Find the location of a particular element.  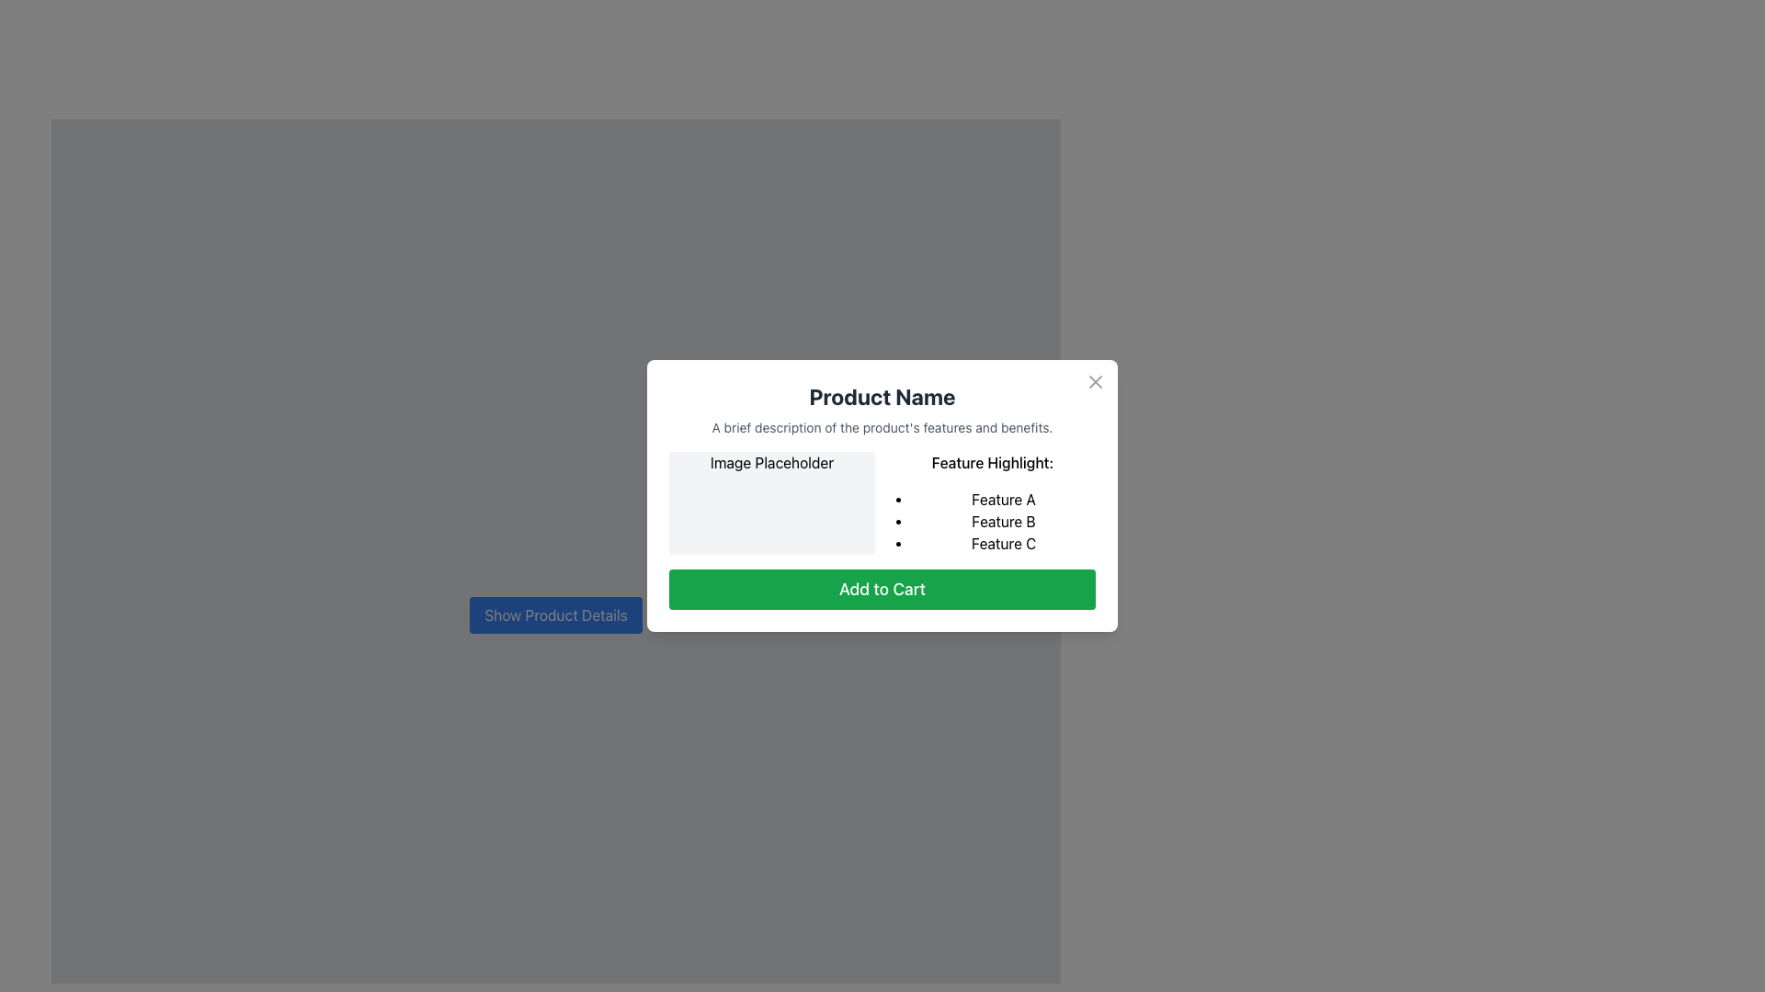

the close button located in the top-right corner of the modal, adjacent to the modal's border, to observe potential hover effects is located at coordinates (1095, 381).